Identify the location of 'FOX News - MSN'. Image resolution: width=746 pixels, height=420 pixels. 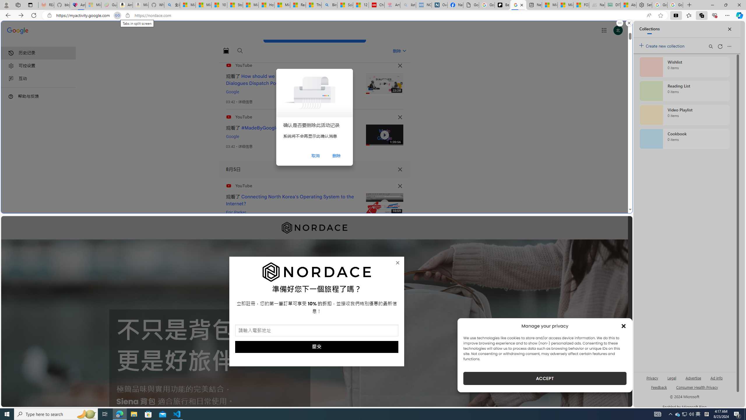
(581, 5).